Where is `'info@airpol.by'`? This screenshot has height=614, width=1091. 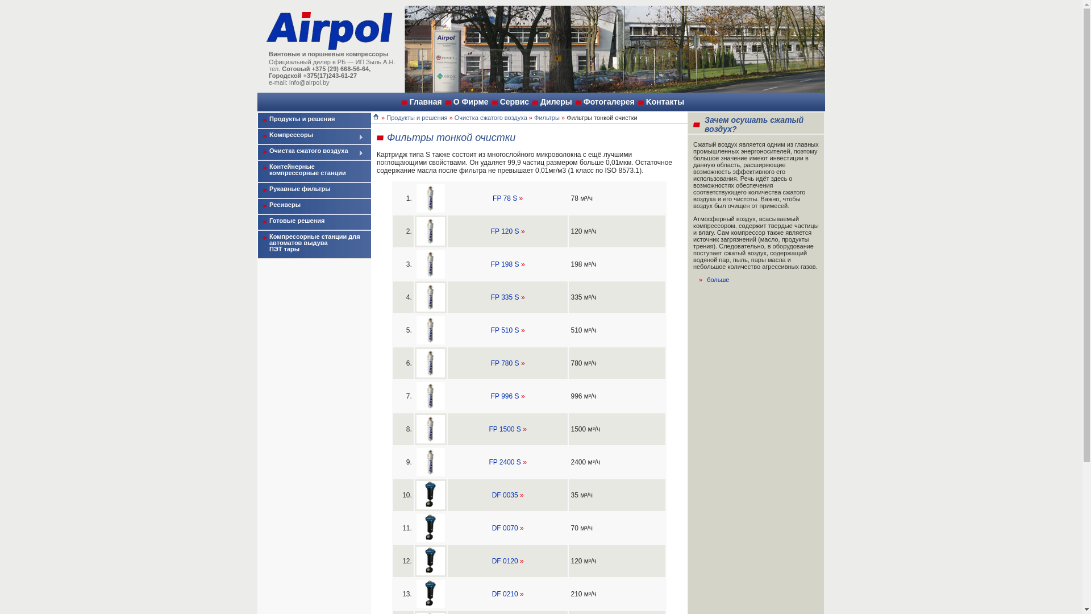
'info@airpol.by' is located at coordinates (289, 82).